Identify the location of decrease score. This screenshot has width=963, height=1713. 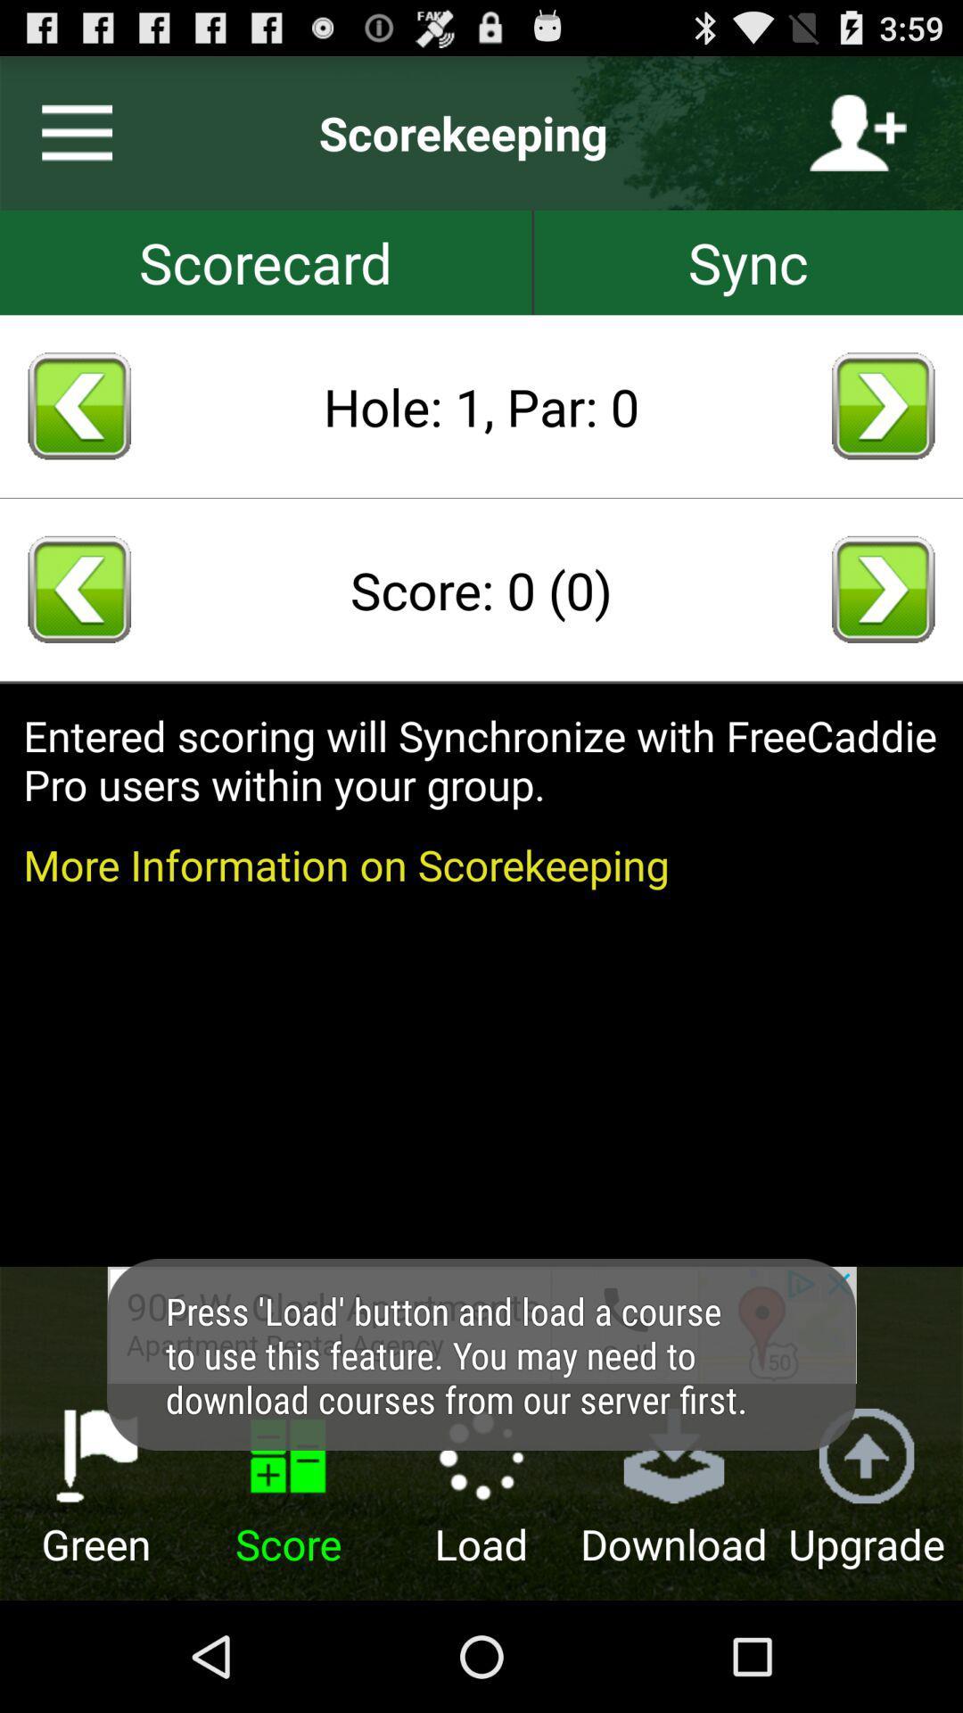
(78, 589).